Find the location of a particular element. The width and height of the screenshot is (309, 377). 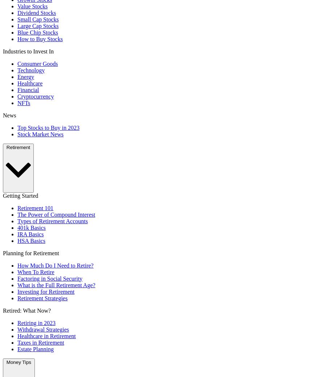

'Healthcare' is located at coordinates (29, 83).